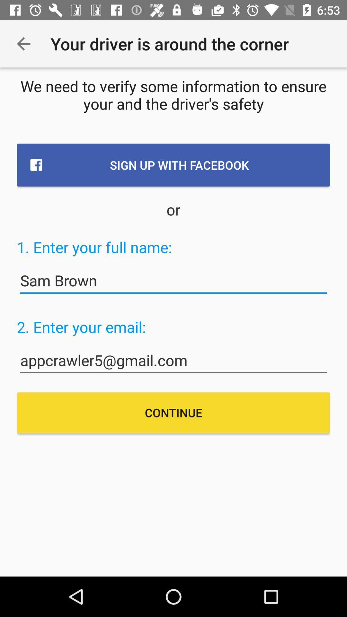 Image resolution: width=347 pixels, height=617 pixels. I want to click on the item below the 1 enter your item, so click(173, 281).